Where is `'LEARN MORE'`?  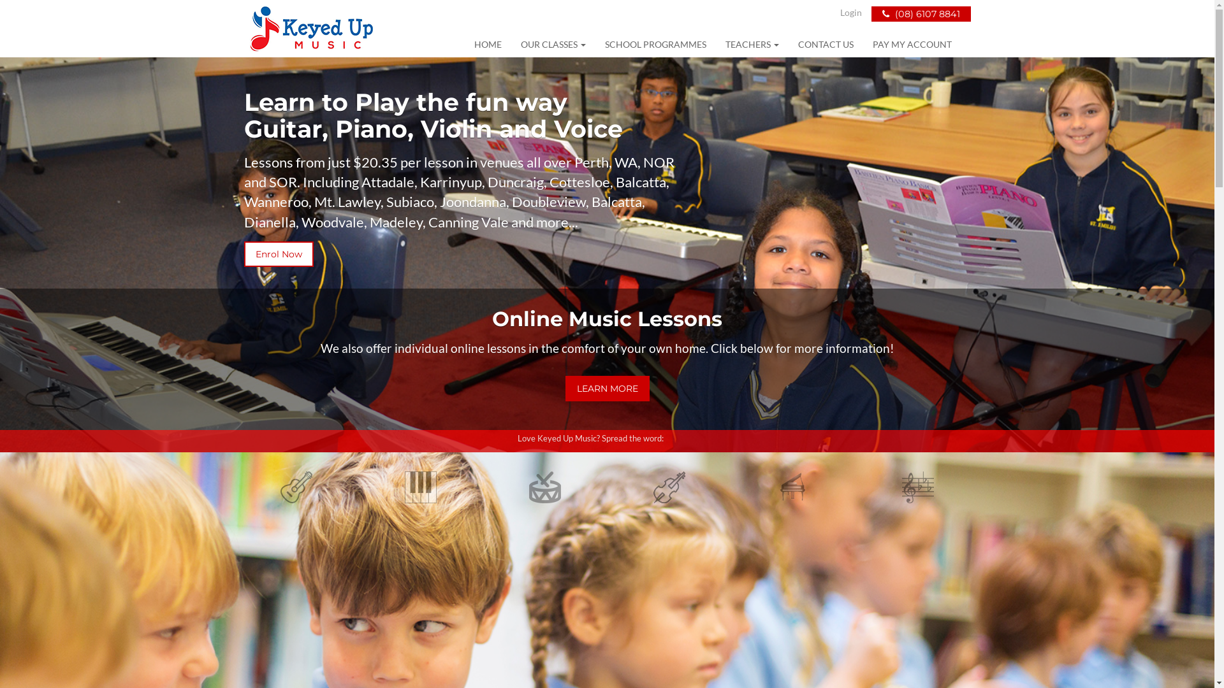 'LEARN MORE' is located at coordinates (606, 387).